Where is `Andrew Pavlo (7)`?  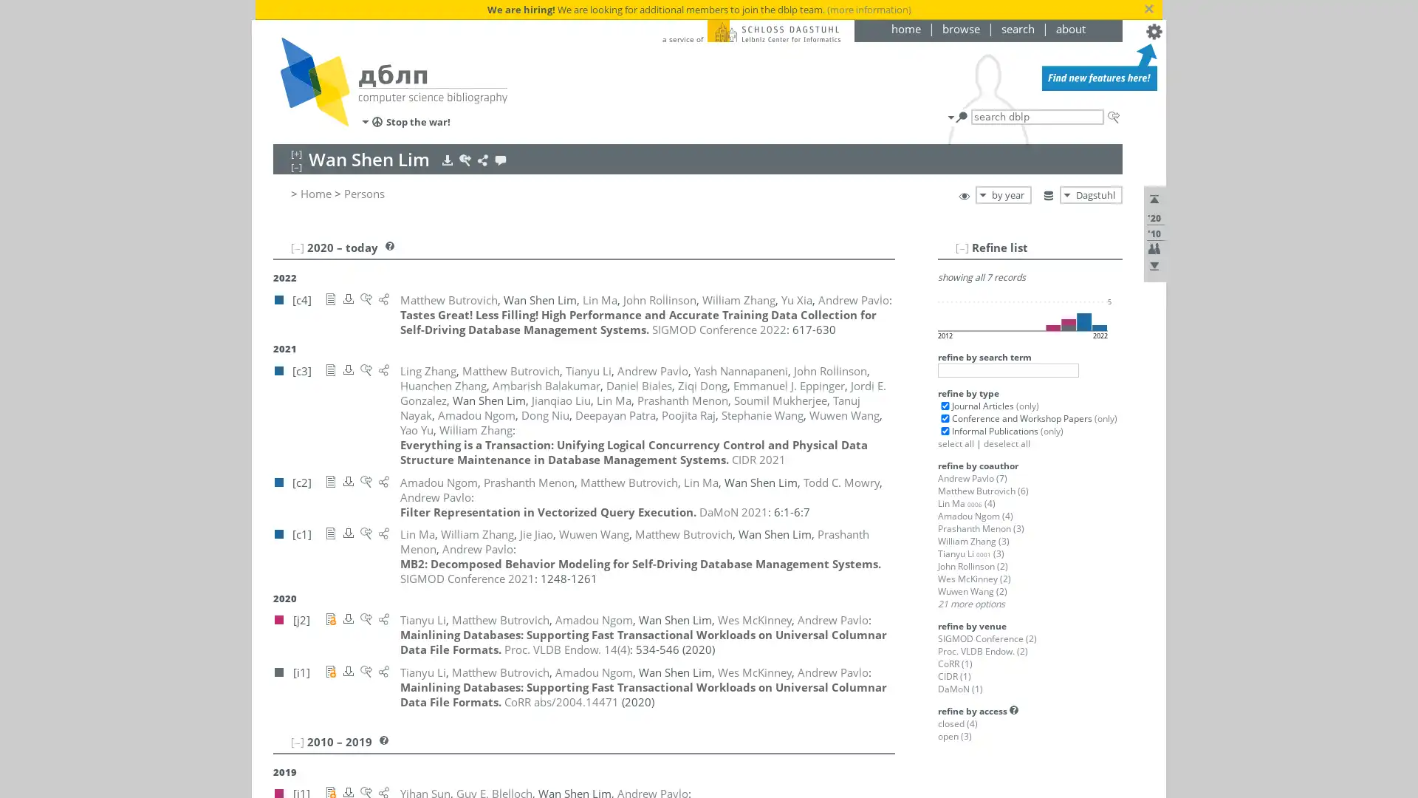
Andrew Pavlo (7) is located at coordinates (972, 478).